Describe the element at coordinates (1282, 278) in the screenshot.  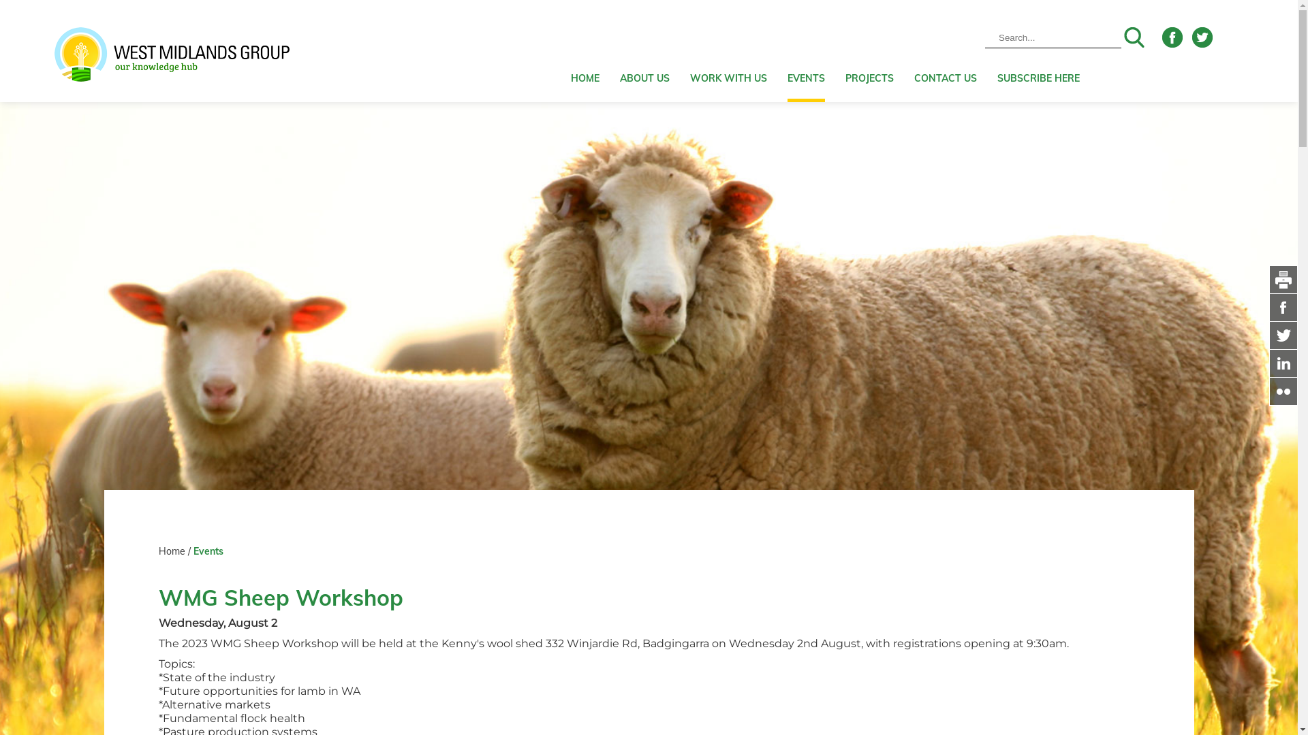
I see `' '` at that location.